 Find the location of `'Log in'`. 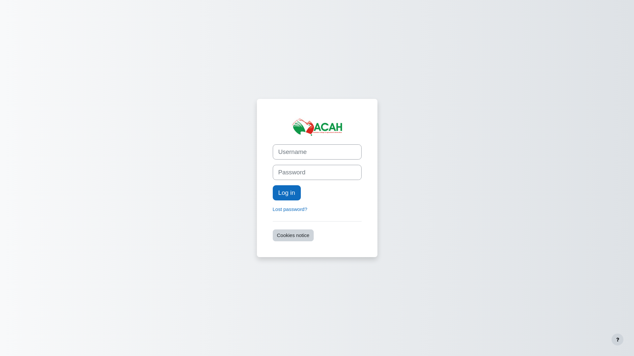

'Log in' is located at coordinates (287, 193).